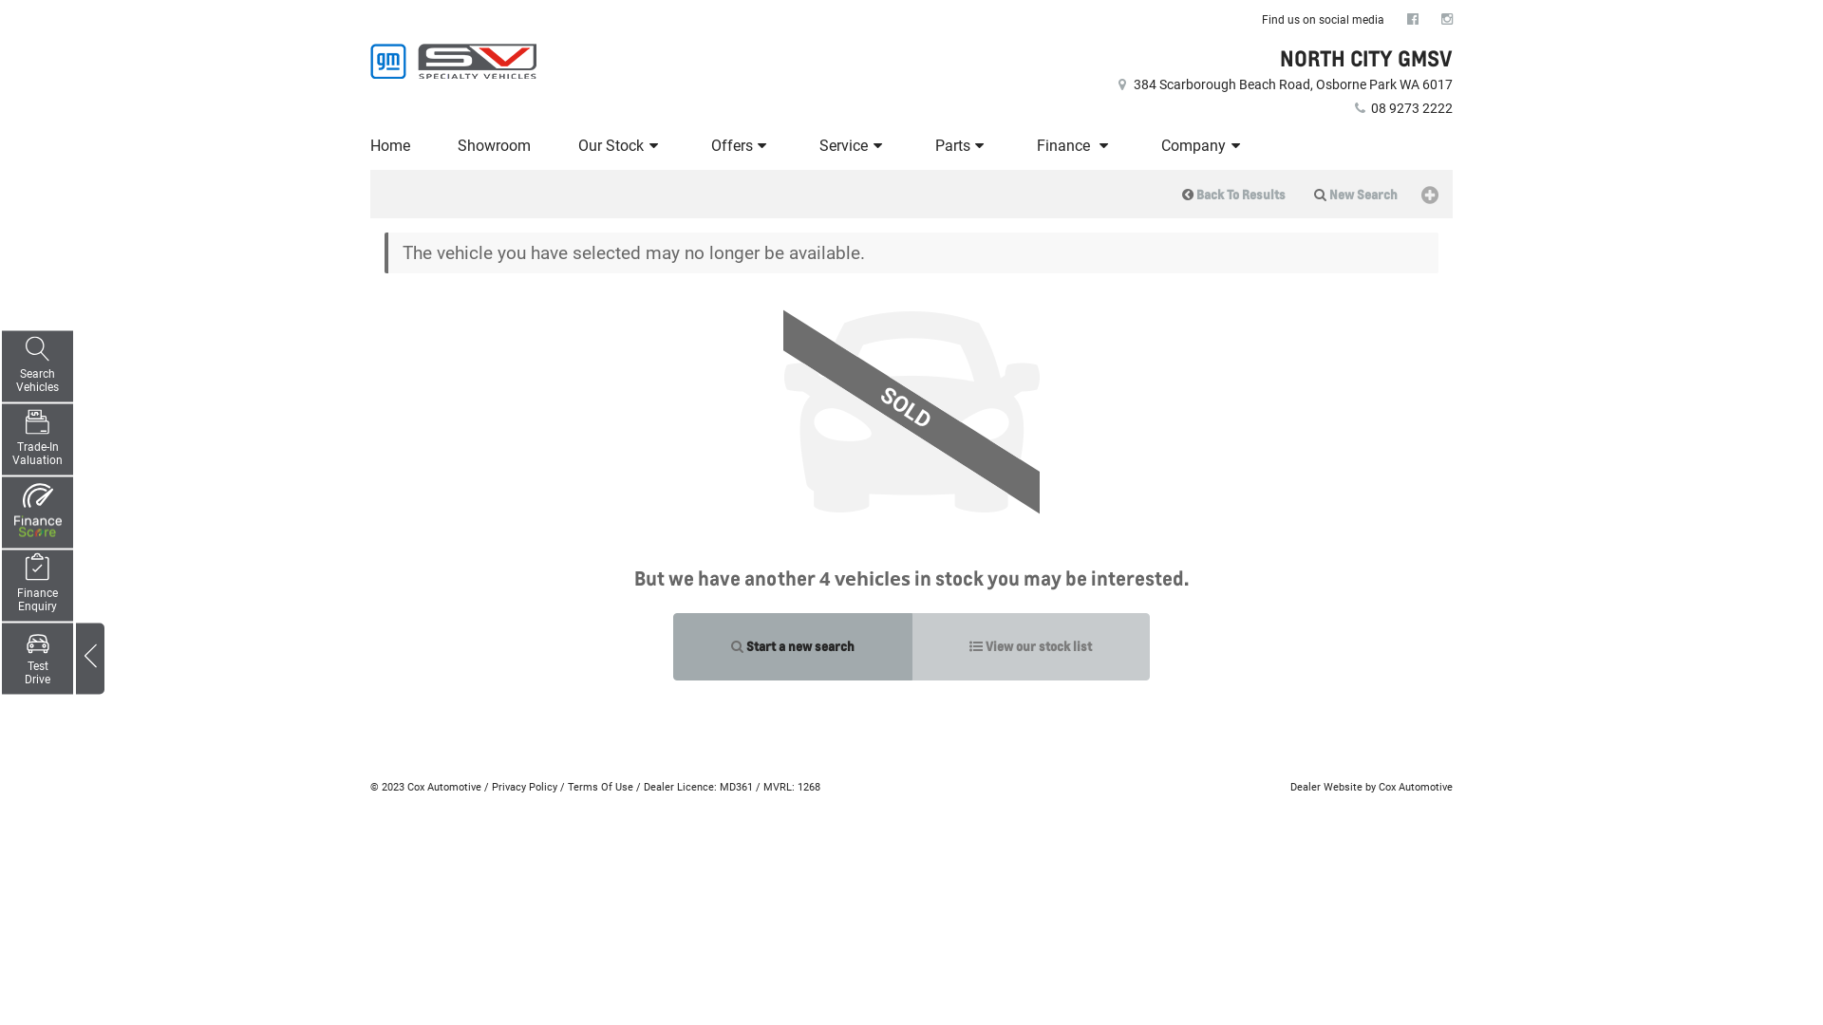 The image size is (1823, 1025). What do you see at coordinates (1349, 108) in the screenshot?
I see `'08 9273 2222'` at bounding box center [1349, 108].